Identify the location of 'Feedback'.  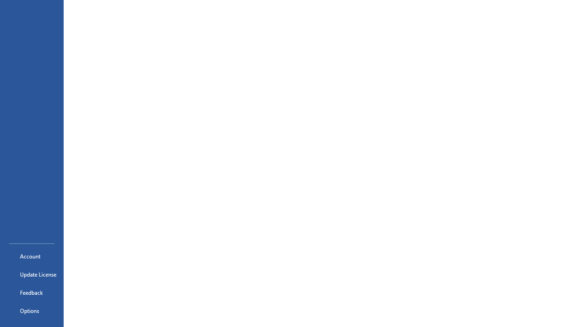
(31, 292).